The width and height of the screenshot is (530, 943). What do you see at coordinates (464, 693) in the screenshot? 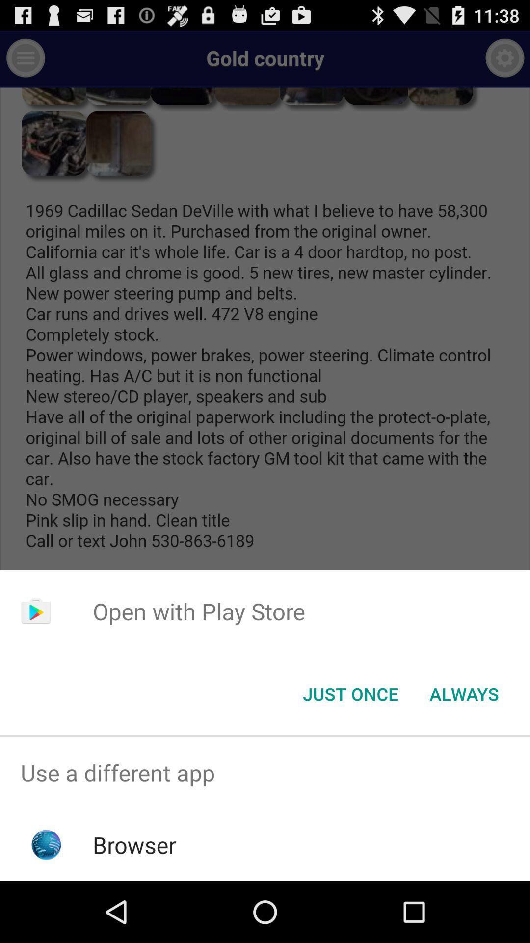
I see `always at the bottom right corner` at bounding box center [464, 693].